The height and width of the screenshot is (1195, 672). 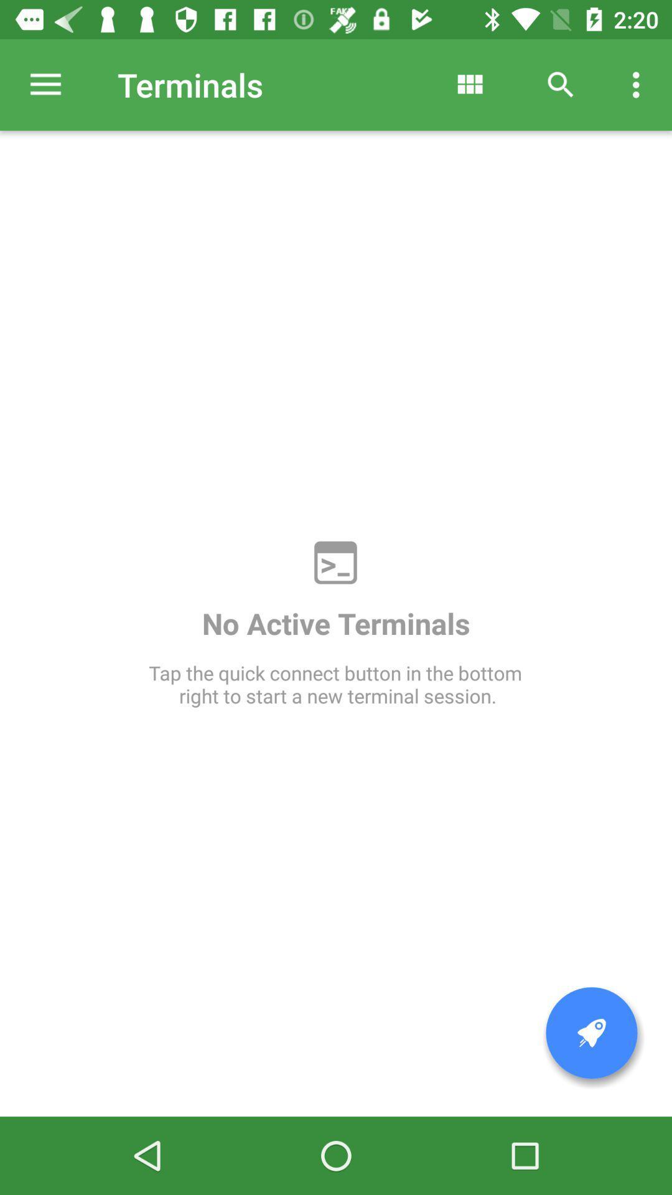 I want to click on icon to the right of terminals item, so click(x=469, y=84).